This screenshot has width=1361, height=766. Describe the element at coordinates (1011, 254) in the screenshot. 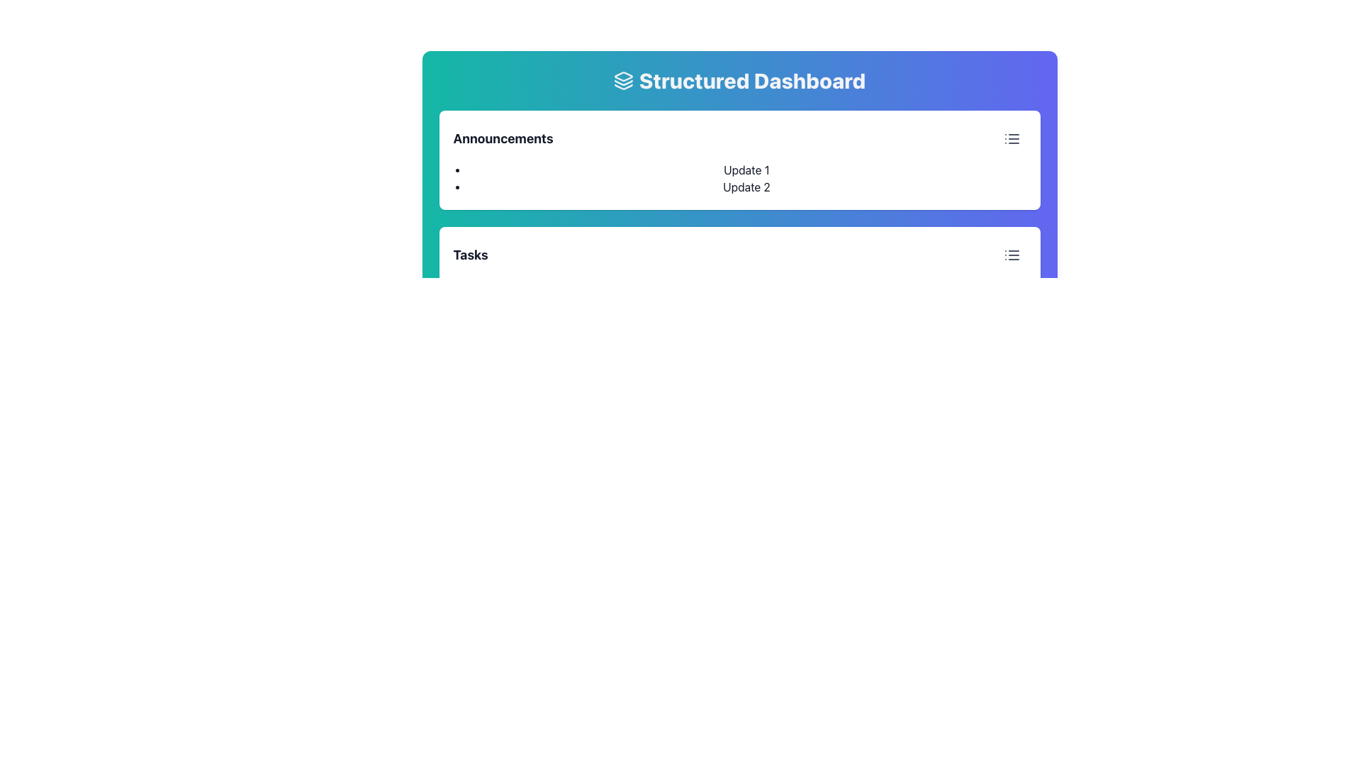

I see `the small circular icon featuring a list-style graphic located near the right edge of the section containing the 'Tasks' heading` at that location.